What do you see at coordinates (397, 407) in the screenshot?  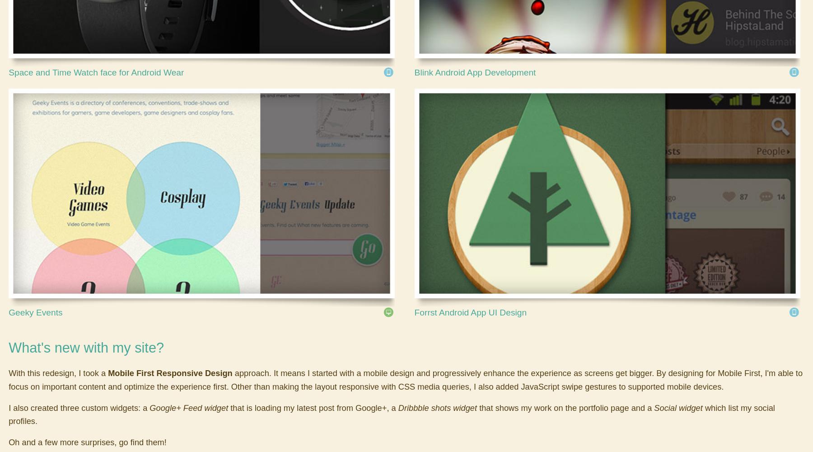 I see `'Dribbble shots widget'` at bounding box center [397, 407].